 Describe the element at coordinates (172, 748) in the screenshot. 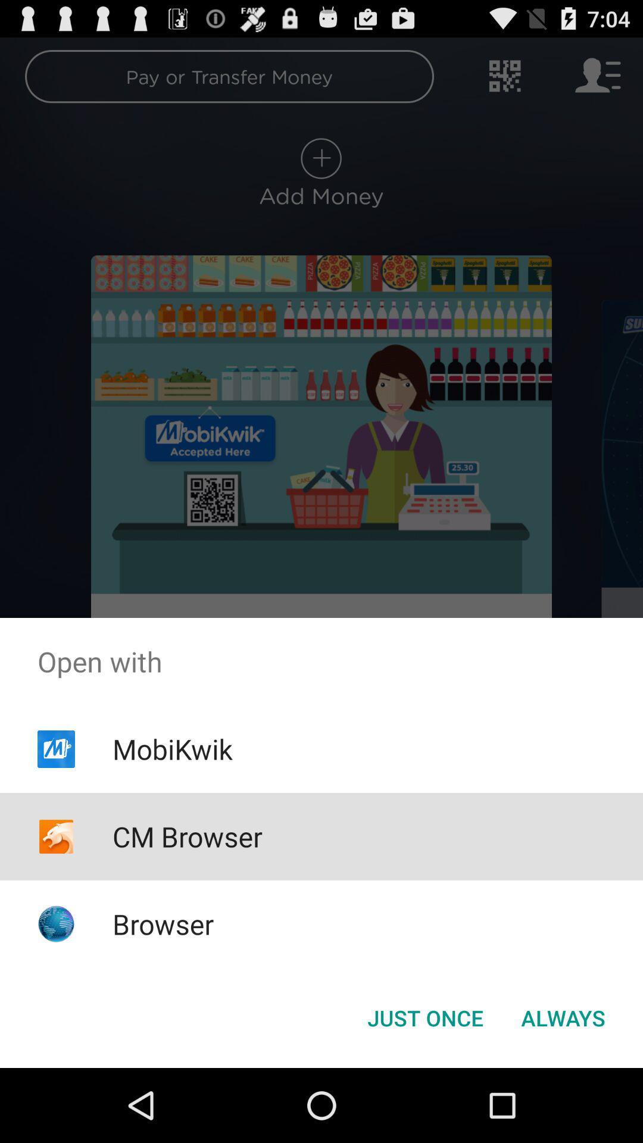

I see `mobikwik app` at that location.